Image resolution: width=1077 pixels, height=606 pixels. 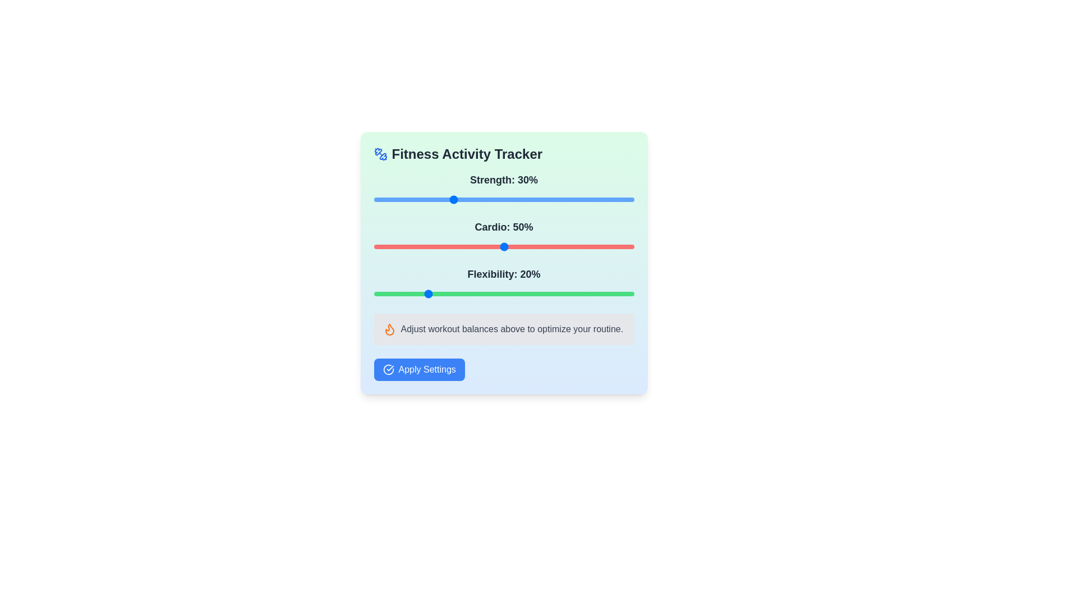 What do you see at coordinates (527, 246) in the screenshot?
I see `cardio level` at bounding box center [527, 246].